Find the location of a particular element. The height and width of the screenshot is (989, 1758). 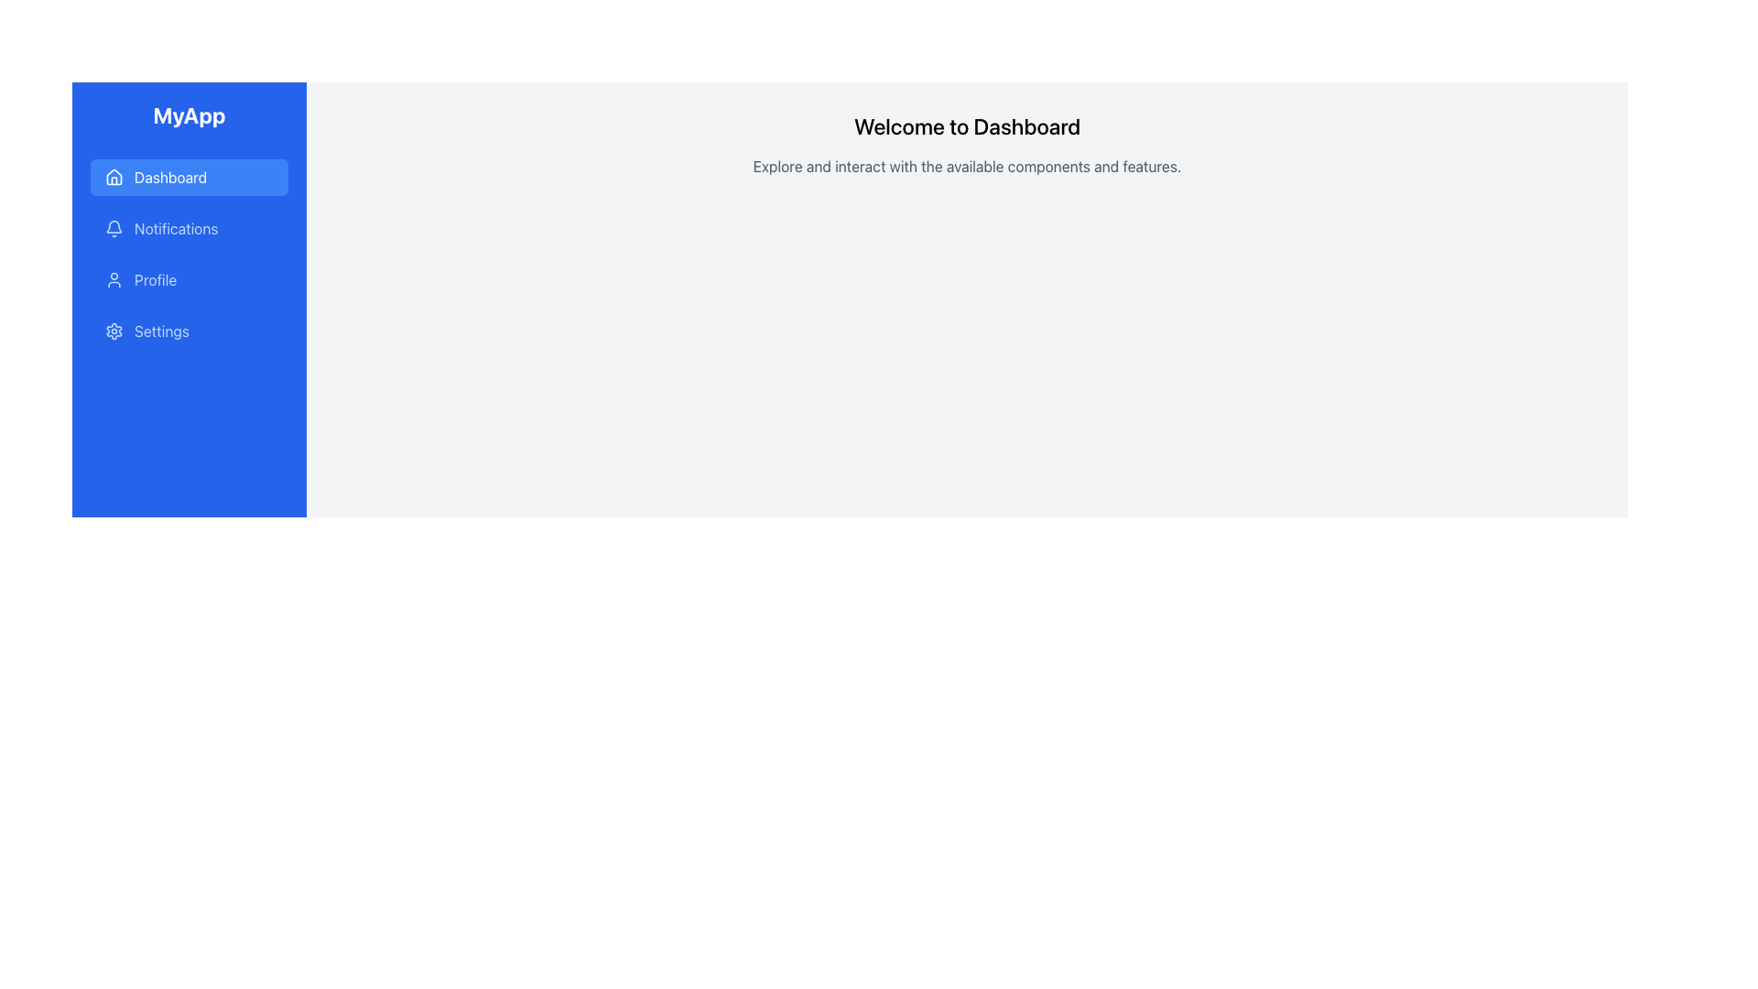

the house icon located within the 'Dashboard' navigation menu item, positioned to the left of the text is located at coordinates (113, 177).